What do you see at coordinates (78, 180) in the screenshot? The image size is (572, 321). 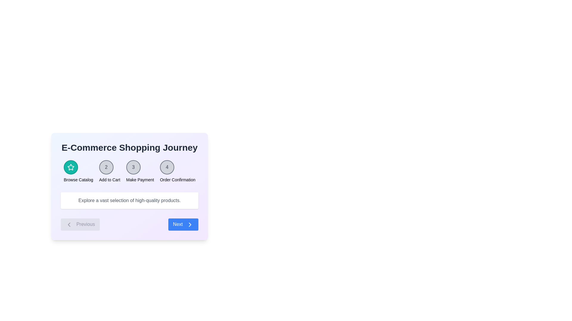 I see `the descriptive Text label located below the teal circular button with a white star icon in the first step of a multi-step process` at bounding box center [78, 180].